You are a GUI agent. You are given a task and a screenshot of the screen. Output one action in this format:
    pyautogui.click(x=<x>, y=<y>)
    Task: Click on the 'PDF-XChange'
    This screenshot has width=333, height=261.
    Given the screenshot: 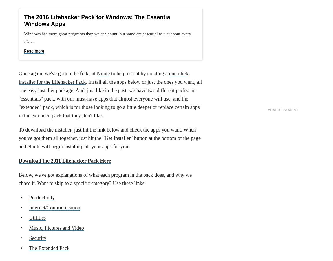 What is the action you would take?
    pyautogui.click(x=127, y=19)
    